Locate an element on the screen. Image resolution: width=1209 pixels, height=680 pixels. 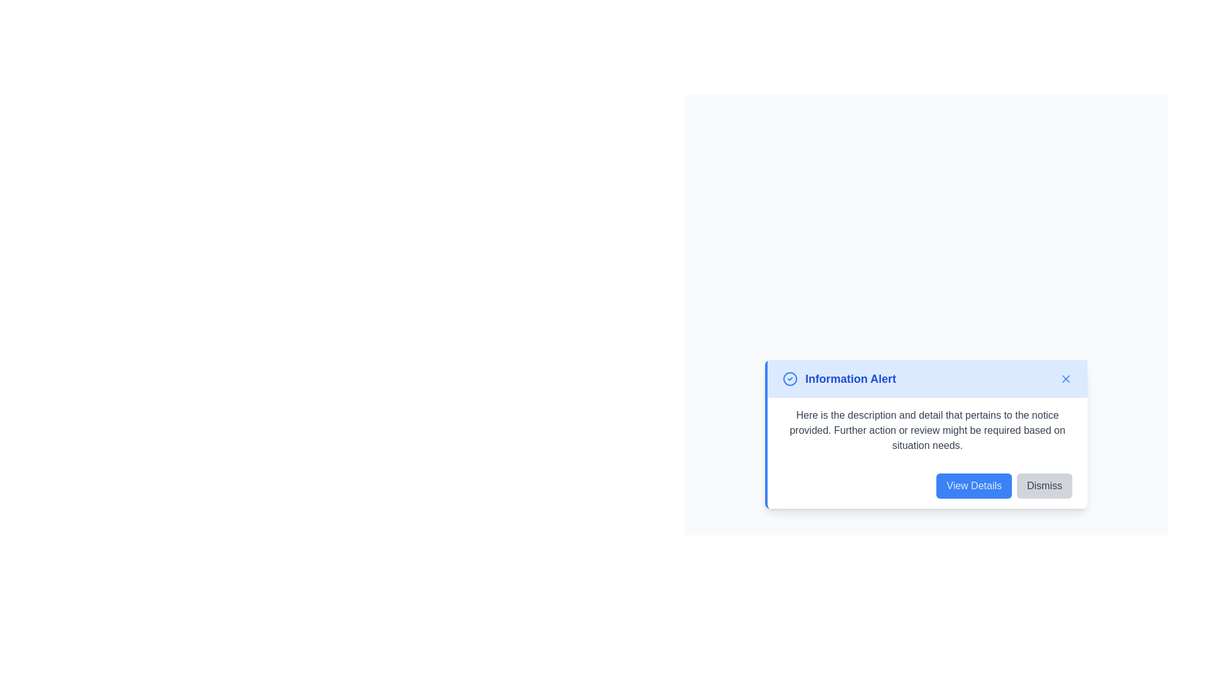
the 'View Details' button, which is a rectangular button with white text on a blue background, located on the right side of the dialog box is located at coordinates (973, 485).